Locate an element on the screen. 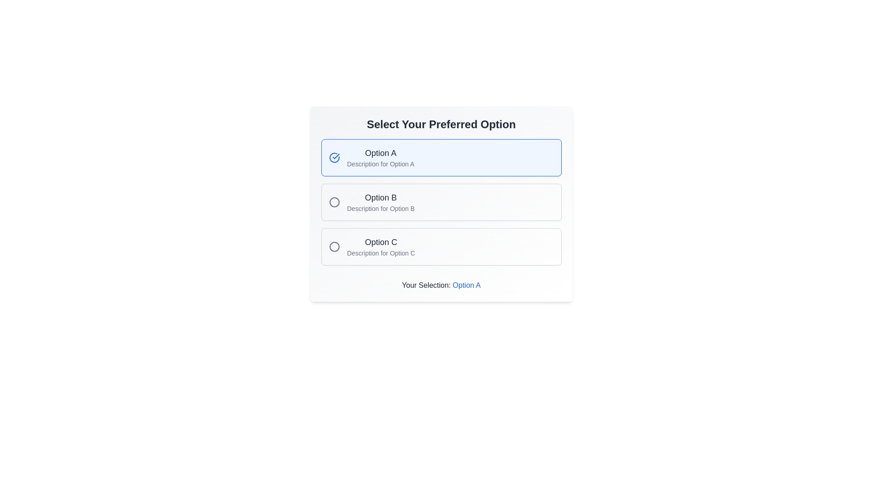  the custom graphical element representing the unselected radio button indicator for 'Option C' located in the third row of selectable options is located at coordinates (334, 247).